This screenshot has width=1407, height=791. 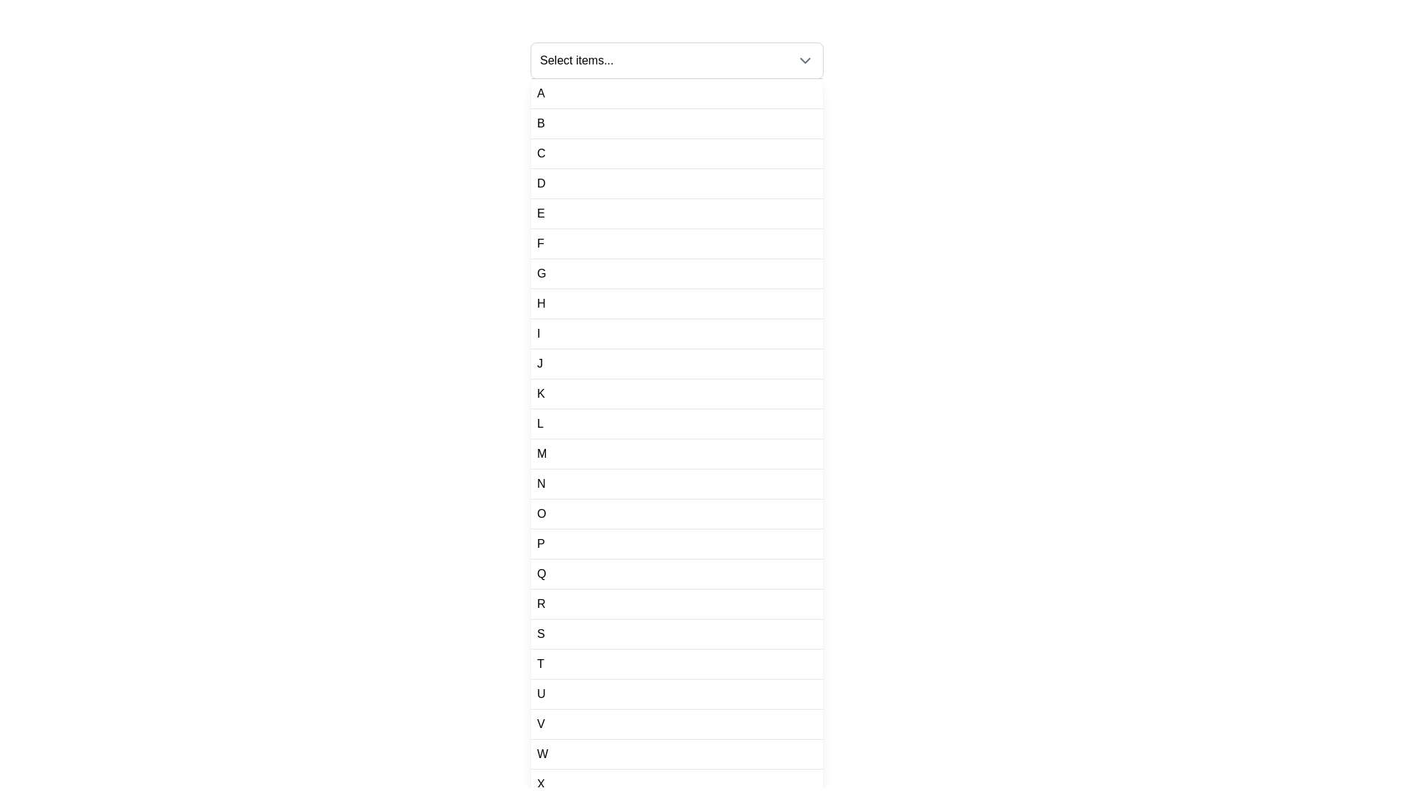 I want to click on the static text label 'Select items...' at the top of the dropdown menu interface, so click(x=576, y=60).